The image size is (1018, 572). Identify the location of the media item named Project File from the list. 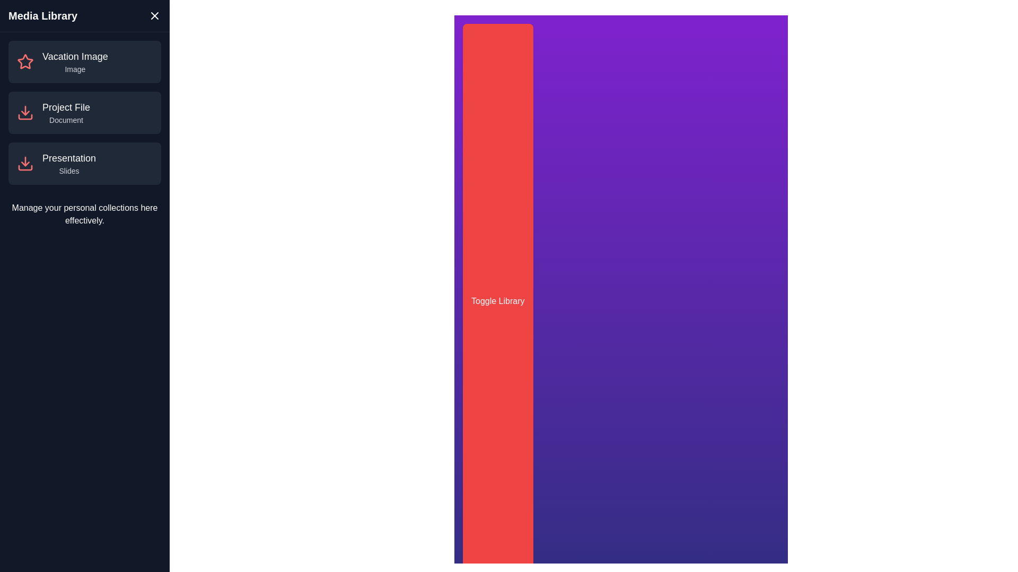
(84, 112).